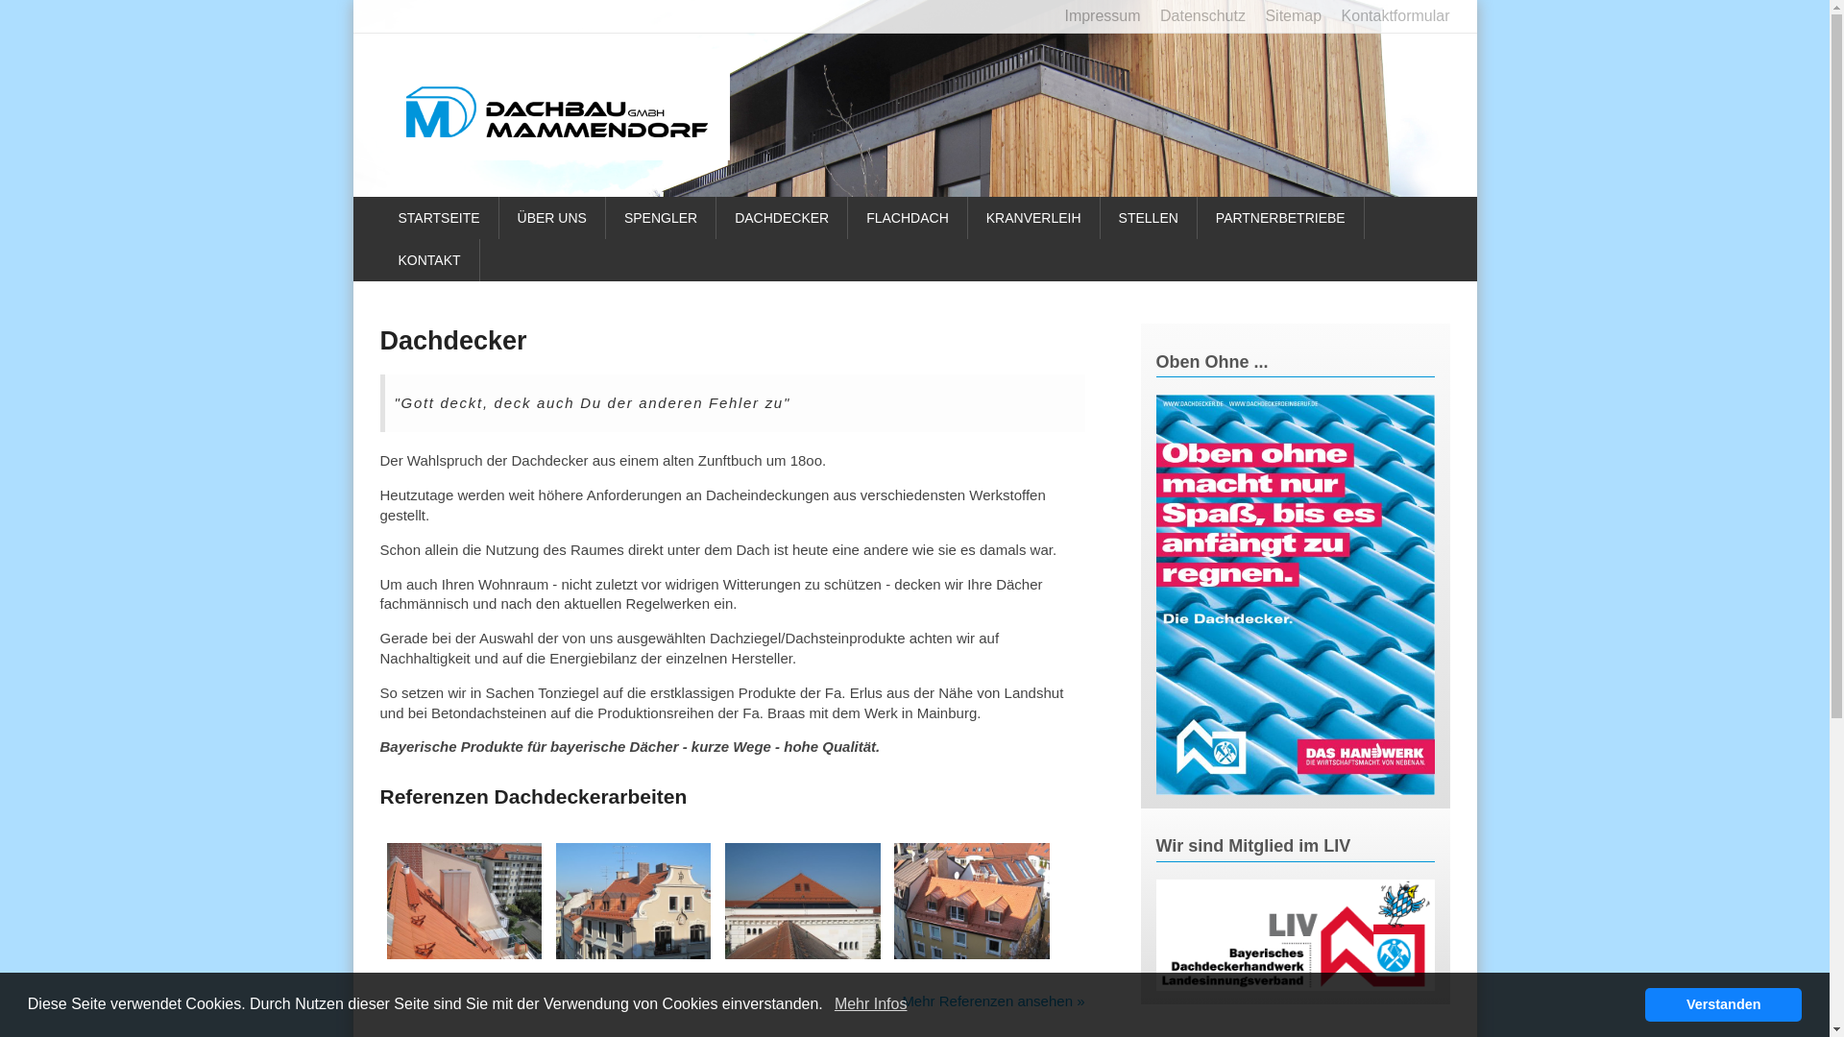  Describe the element at coordinates (1281, 217) in the screenshot. I see `'PARTNERBETRIEBE'` at that location.